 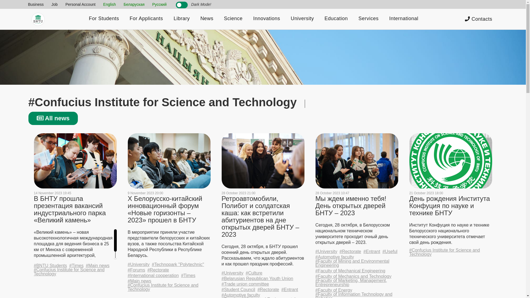 What do you see at coordinates (315, 270) in the screenshot?
I see `'#Faculty of Mechanical Engineering'` at bounding box center [315, 270].